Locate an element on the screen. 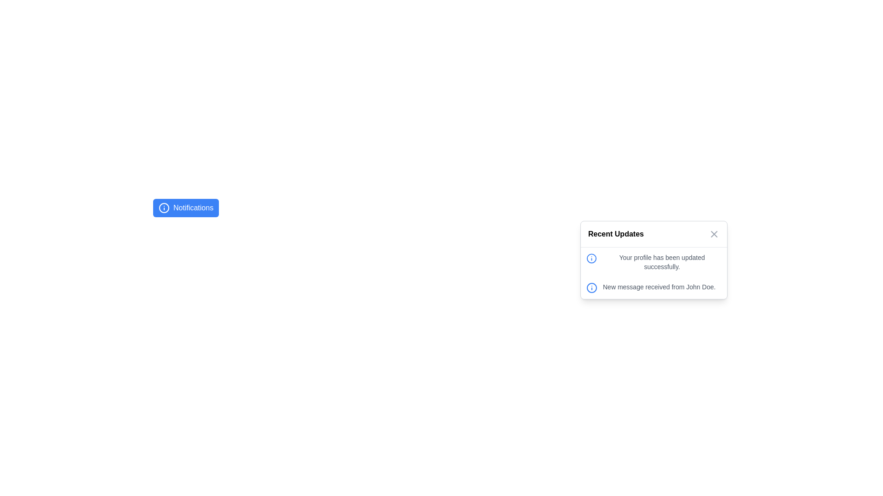  the close button located in the top-right corner of the 'Recent Updates' section to change its color is located at coordinates (714, 233).